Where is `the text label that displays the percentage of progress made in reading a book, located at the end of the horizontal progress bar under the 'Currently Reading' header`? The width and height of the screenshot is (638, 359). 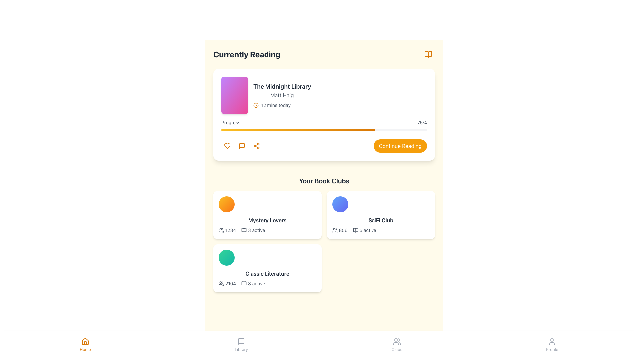
the text label that displays the percentage of progress made in reading a book, located at the end of the horizontal progress bar under the 'Currently Reading' header is located at coordinates (422, 123).